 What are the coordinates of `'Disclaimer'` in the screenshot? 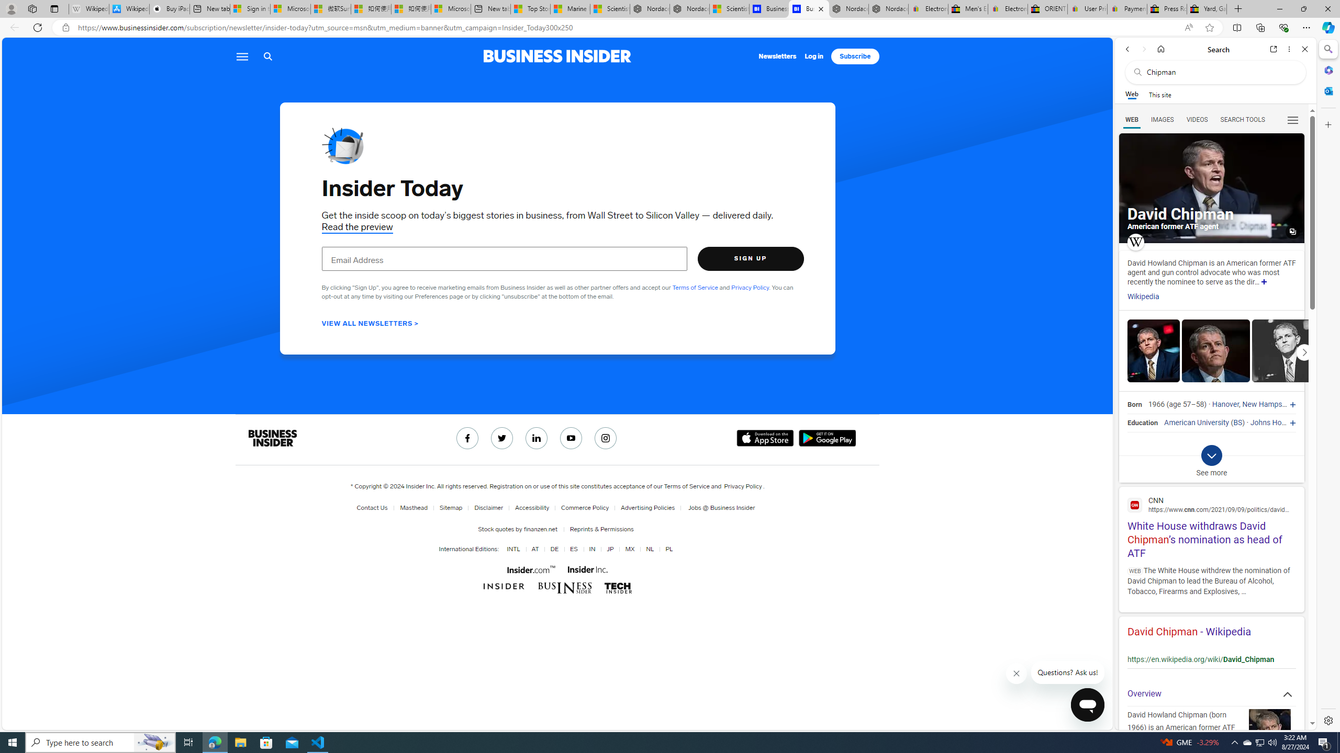 It's located at (486, 507).